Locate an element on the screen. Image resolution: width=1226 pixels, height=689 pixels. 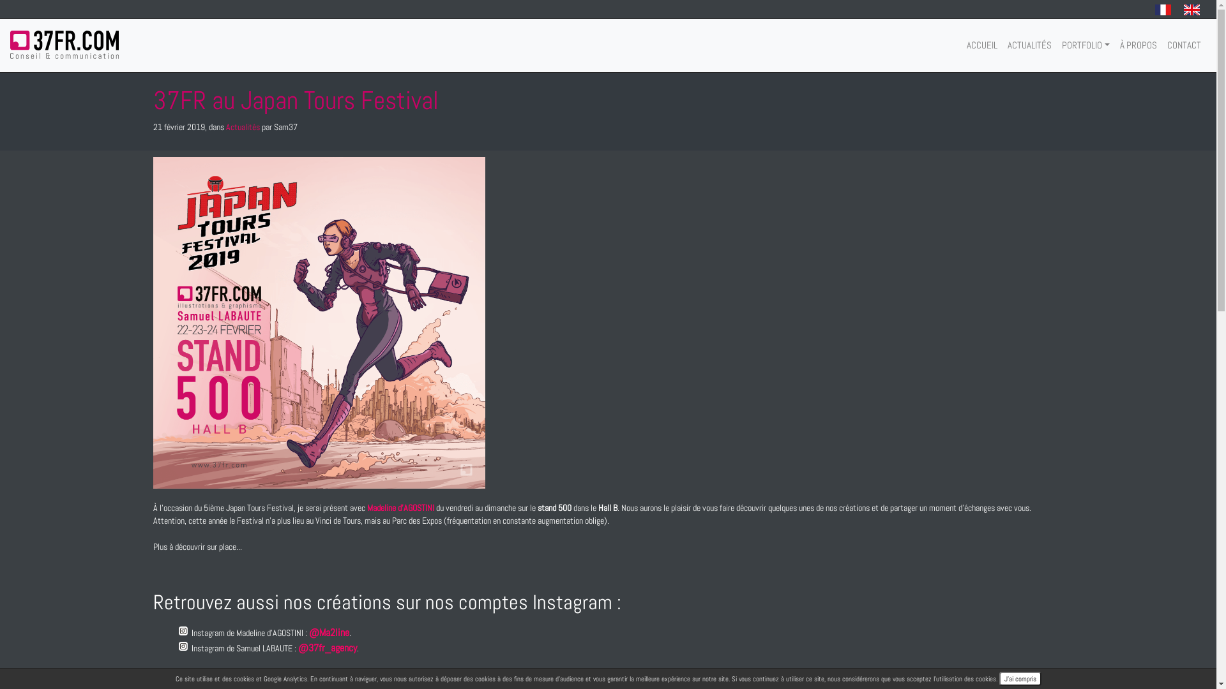
'ACCUEIL' is located at coordinates (981, 44).